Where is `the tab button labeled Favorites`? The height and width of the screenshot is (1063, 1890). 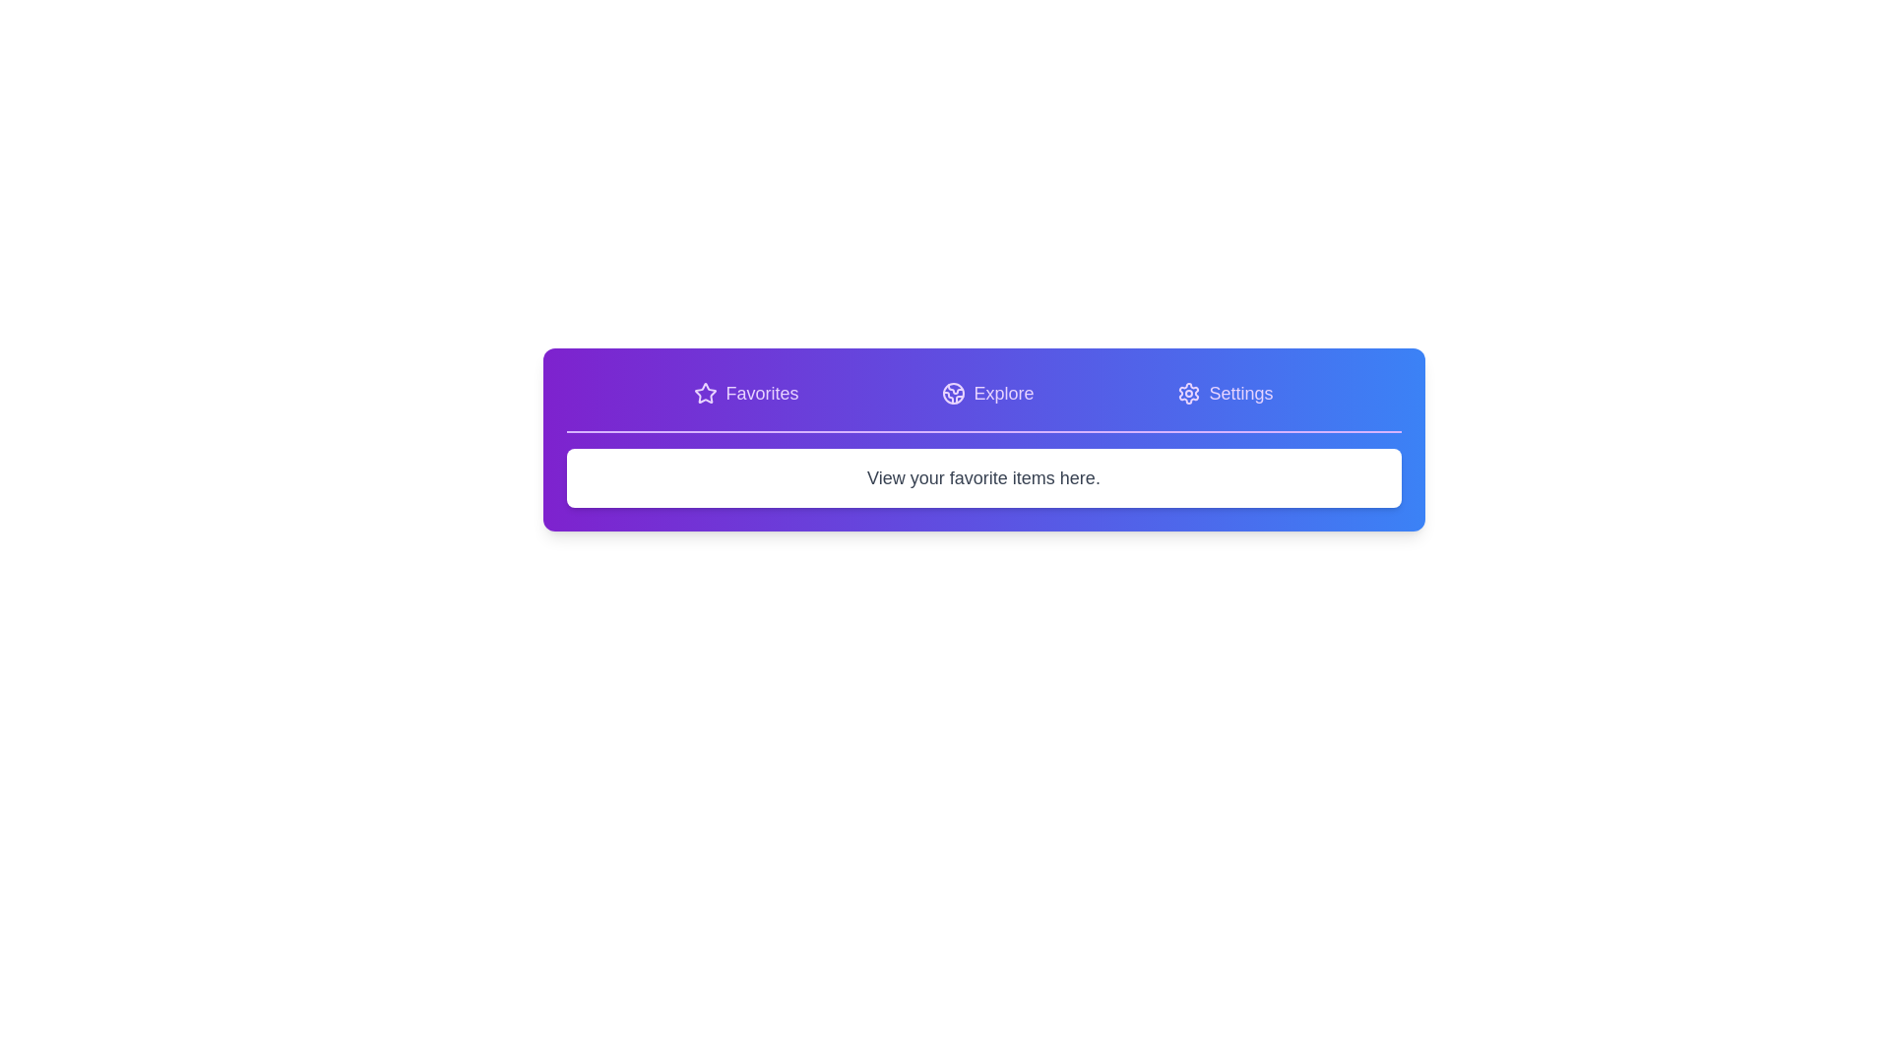 the tab button labeled Favorites is located at coordinates (745, 394).